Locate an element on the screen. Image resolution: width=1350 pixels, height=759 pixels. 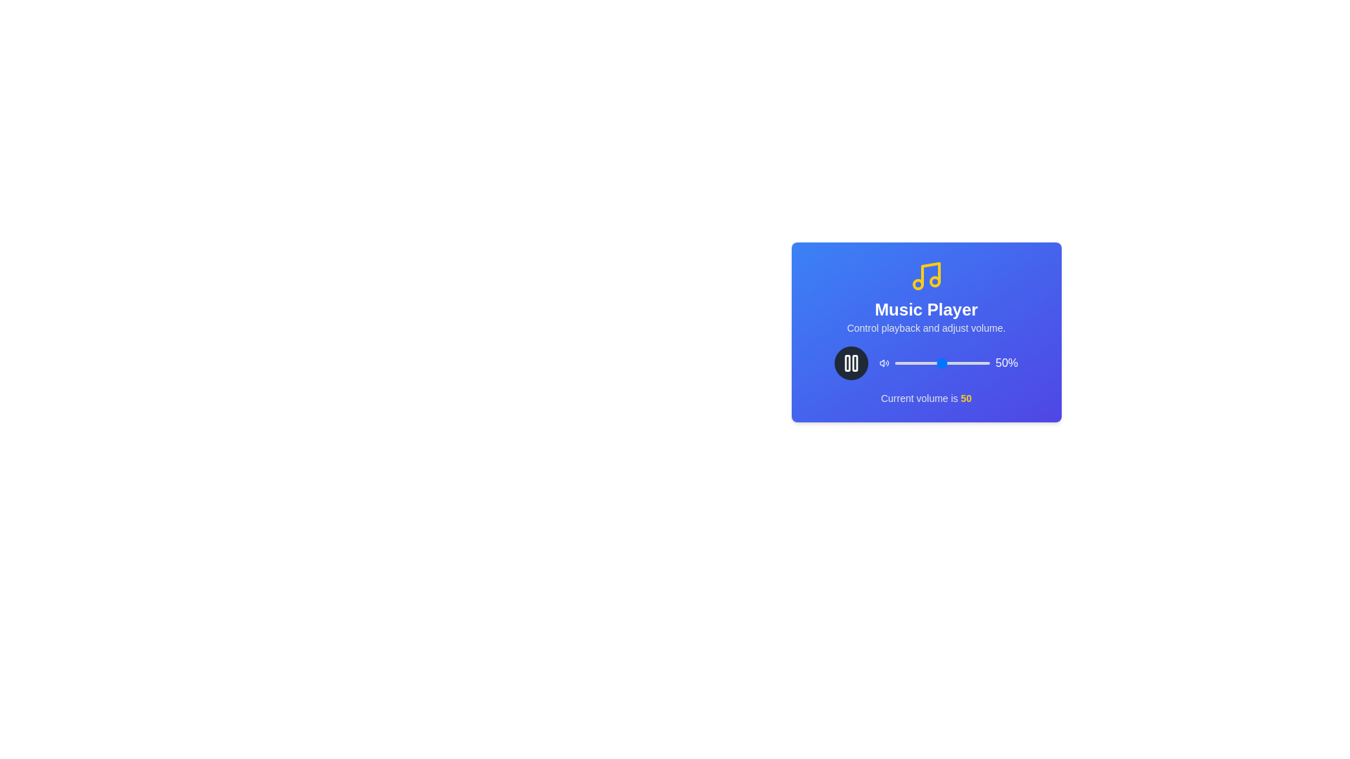
the play/pause button to toggle the playback state is located at coordinates (850, 362).